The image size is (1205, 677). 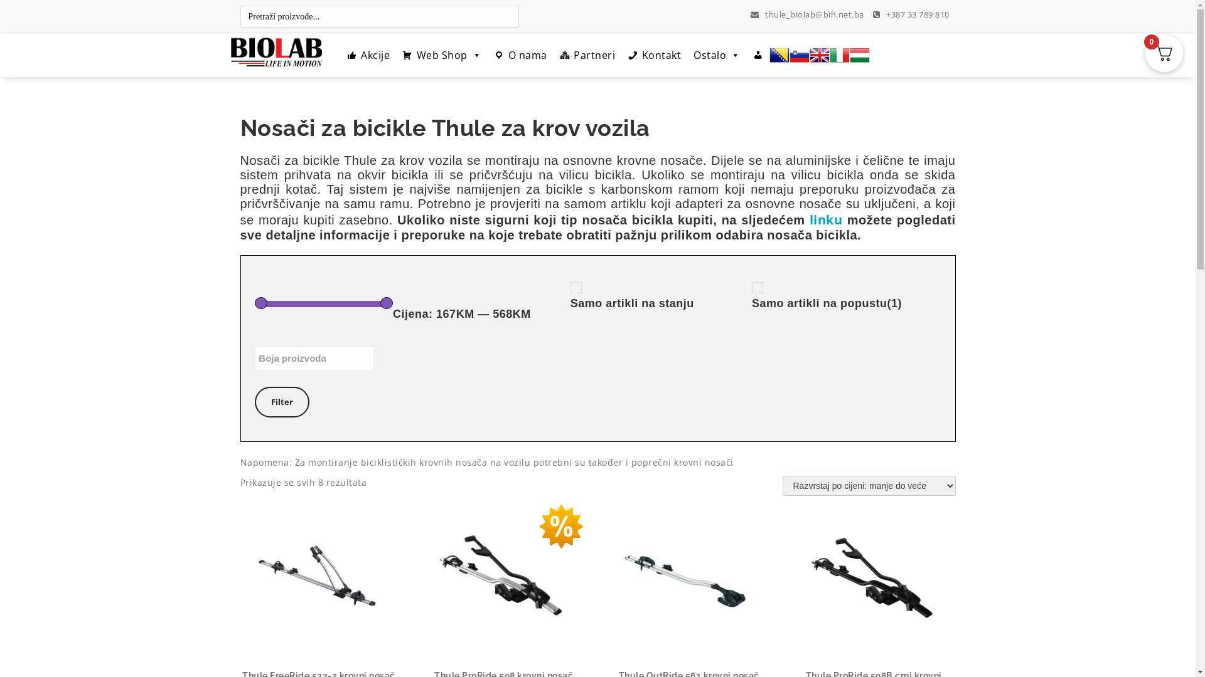 I want to click on 'thule_biolab@bih.net.ba', so click(x=807, y=14).